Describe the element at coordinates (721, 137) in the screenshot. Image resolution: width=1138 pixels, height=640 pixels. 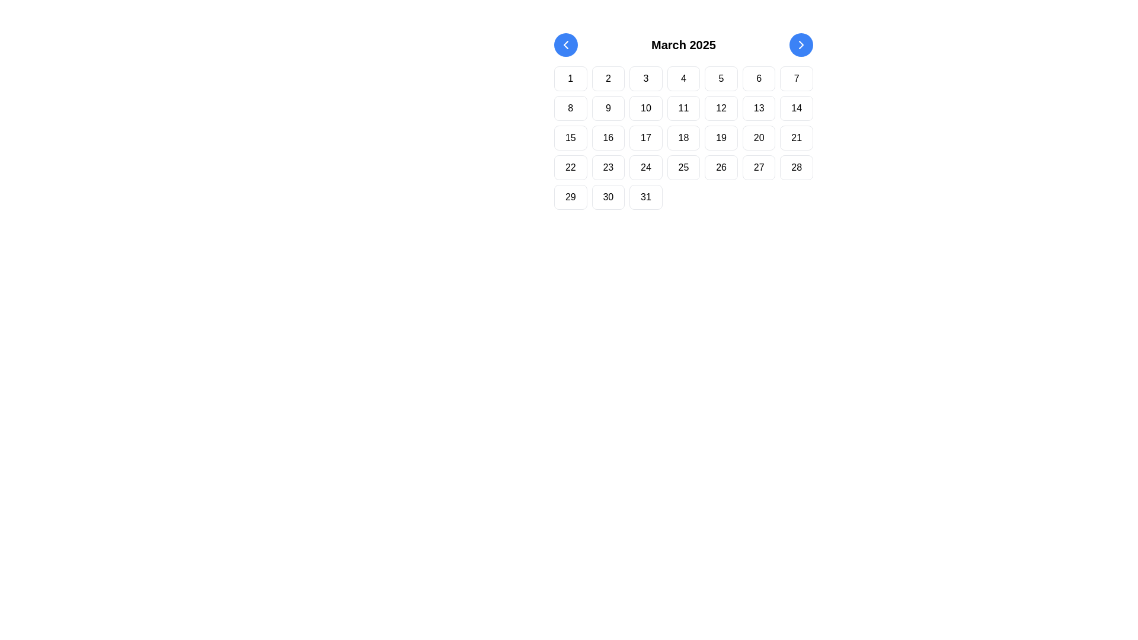
I see `the button representing the 19th day of March 2025 in the calendar grid` at that location.